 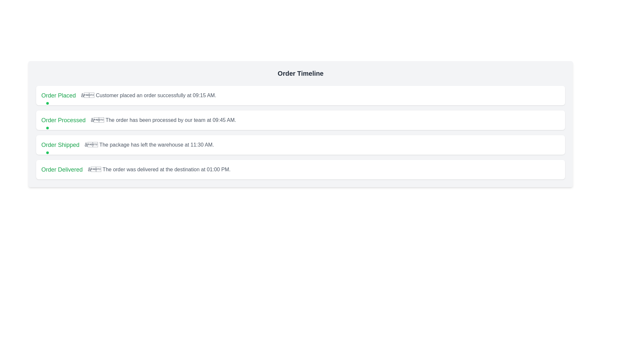 What do you see at coordinates (300, 145) in the screenshot?
I see `the Status display component which shows 'Order Shipped' and indicates the shipping status, positioned between 'Order Processed' and 'Order Delivered'` at bounding box center [300, 145].